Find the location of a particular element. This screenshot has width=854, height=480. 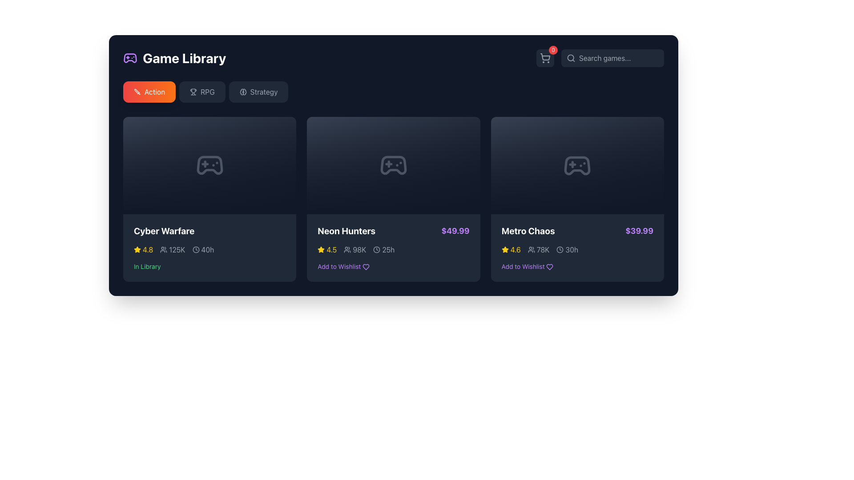

the informational display containing critical game details such as rating, user count, and approximate playtime, located in the 'Neon Hunters' card in the second column of the game list is located at coordinates (393, 250).